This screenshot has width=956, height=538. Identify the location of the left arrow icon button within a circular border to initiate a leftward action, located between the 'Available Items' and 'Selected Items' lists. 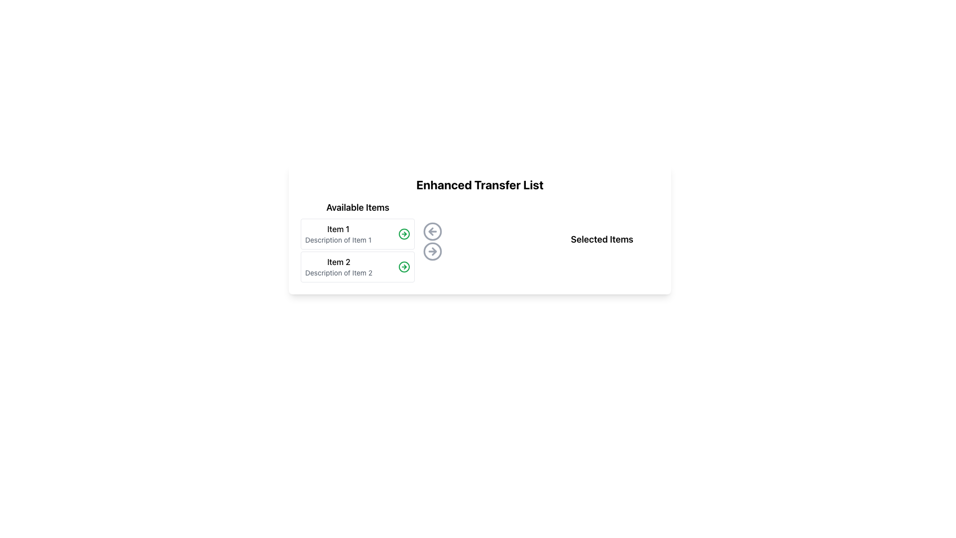
(431, 232).